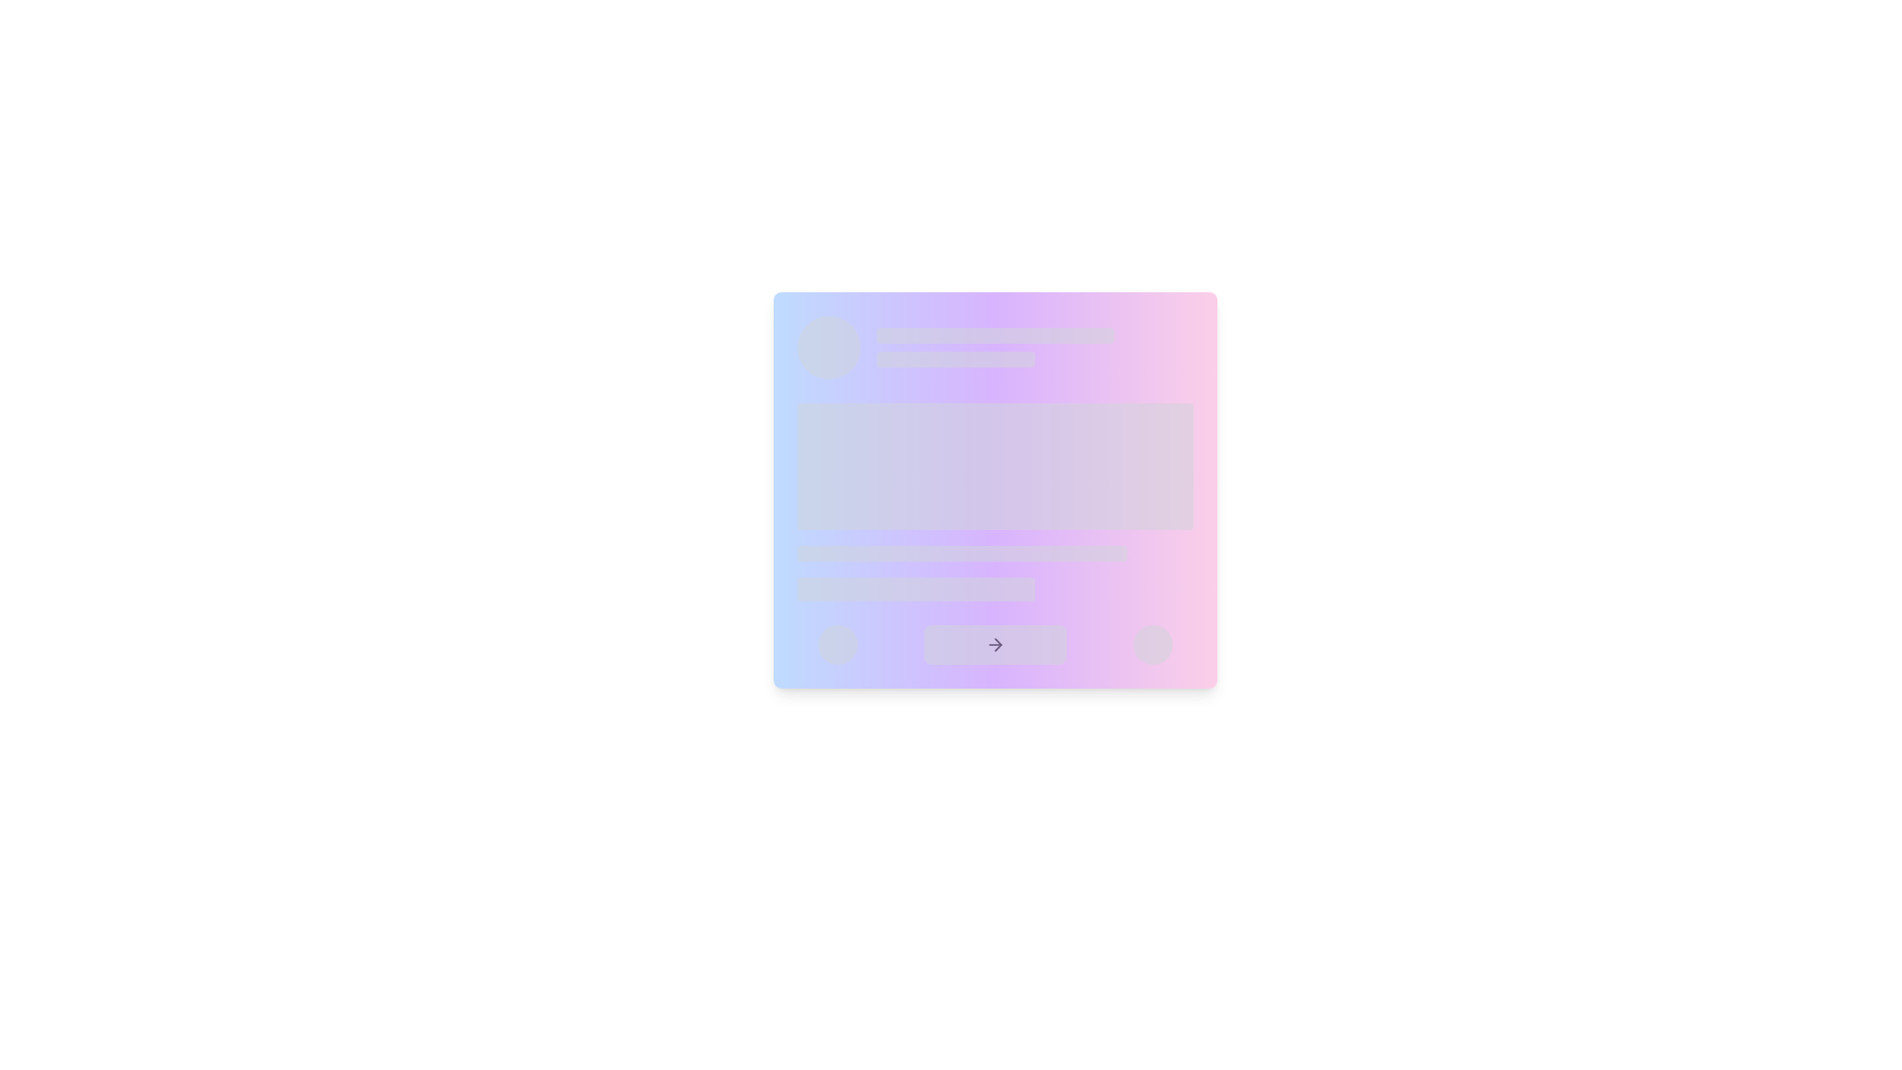 This screenshot has width=1902, height=1070. What do you see at coordinates (995, 347) in the screenshot?
I see `the Placeholder Skeleton Section located at the top of the card, which serves as a loading indicator for user profile content` at bounding box center [995, 347].